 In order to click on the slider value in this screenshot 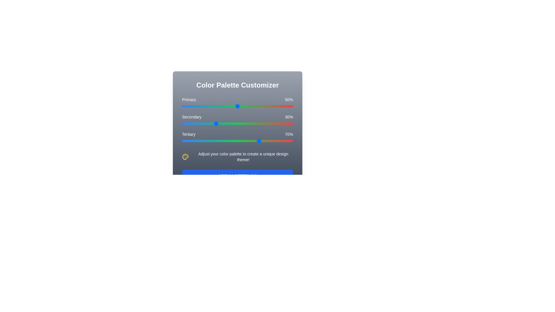, I will do `click(279, 123)`.